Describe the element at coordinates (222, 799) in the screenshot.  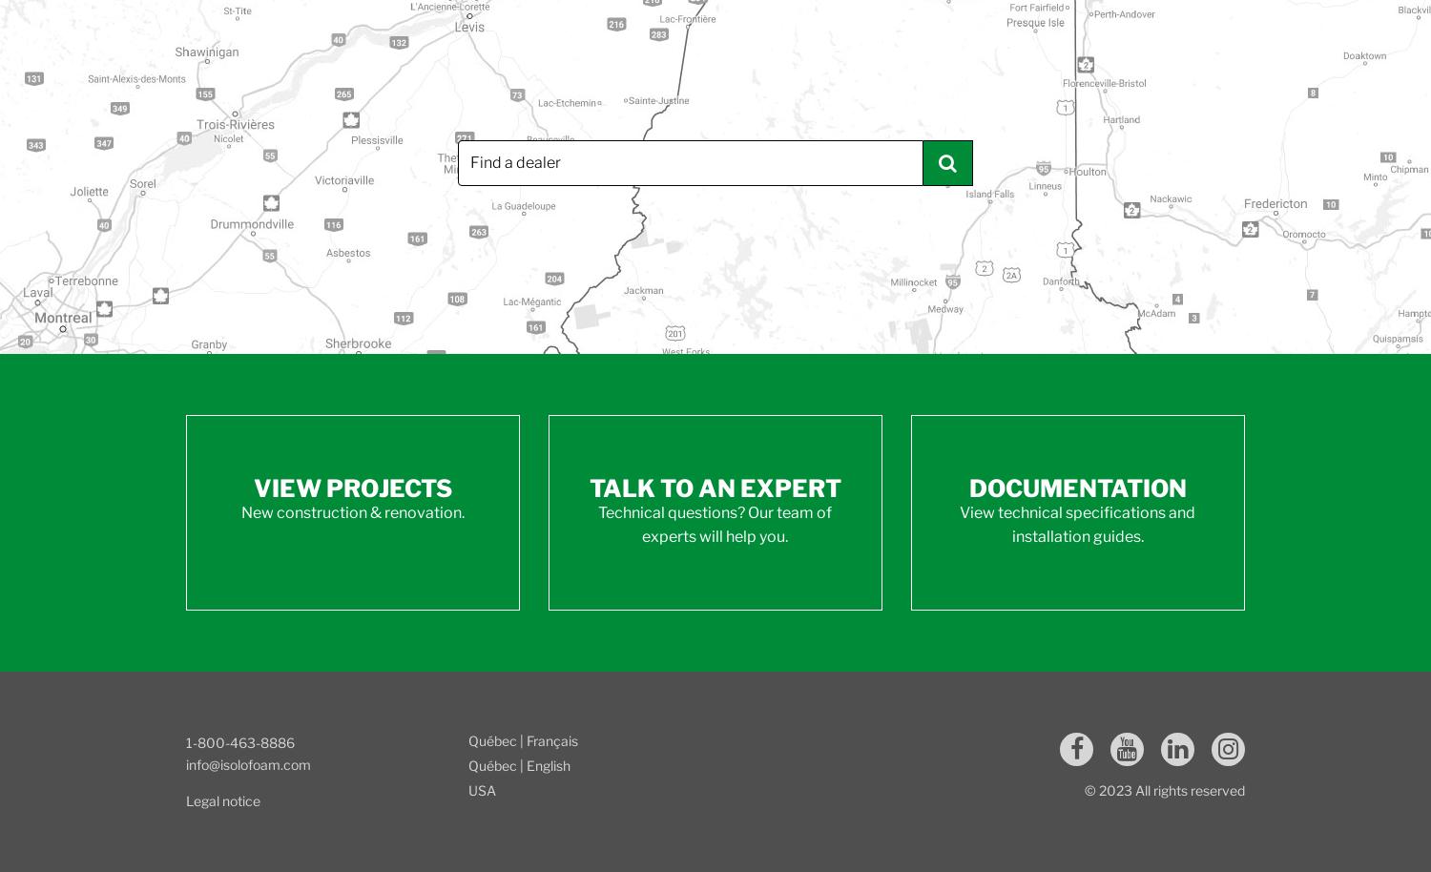
I see `'Legal notice'` at that location.